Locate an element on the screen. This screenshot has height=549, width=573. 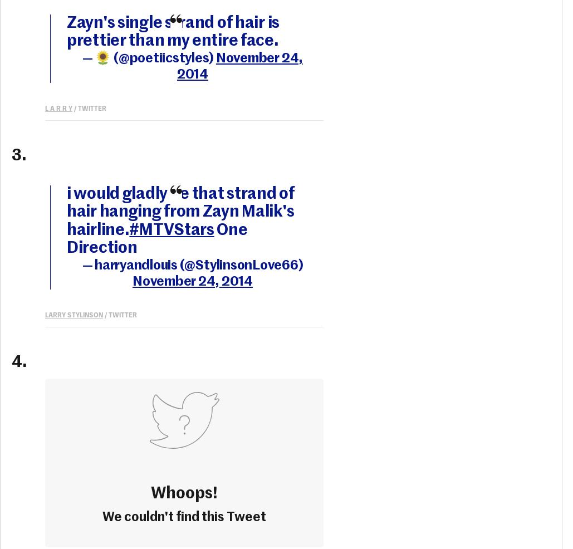
'3.' is located at coordinates (19, 155).